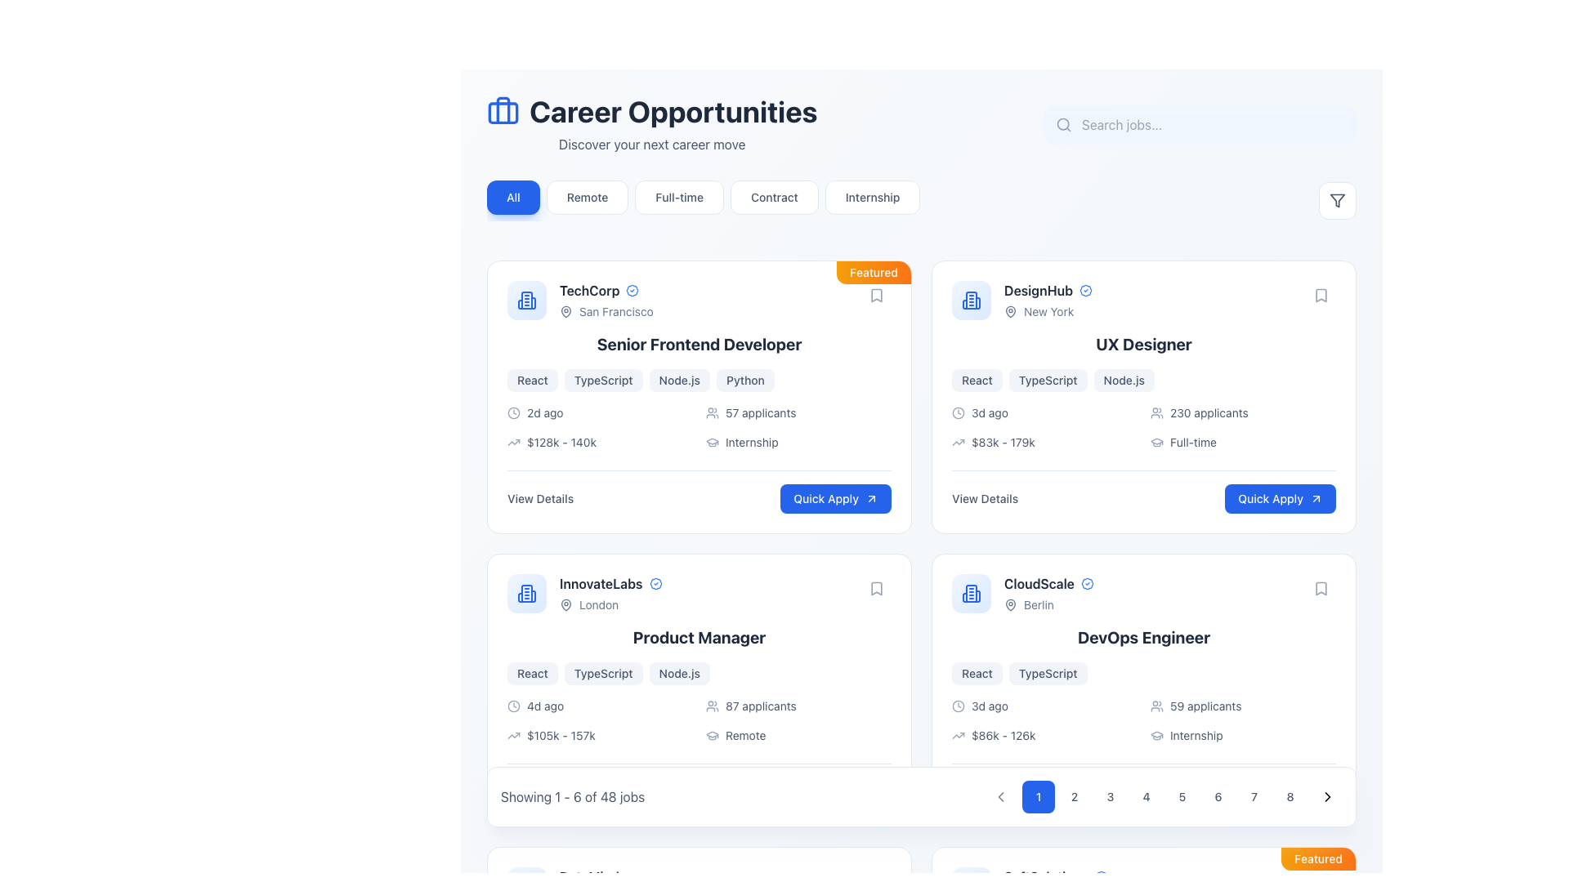 This screenshot has height=882, width=1569. I want to click on the SVG icon styled as a diagonal arrow pointing upwards to the right, which is located within the 'Quick Apply' button at the bottom right of the job listing card for 'DesignHub UX Designer', so click(1316, 497).